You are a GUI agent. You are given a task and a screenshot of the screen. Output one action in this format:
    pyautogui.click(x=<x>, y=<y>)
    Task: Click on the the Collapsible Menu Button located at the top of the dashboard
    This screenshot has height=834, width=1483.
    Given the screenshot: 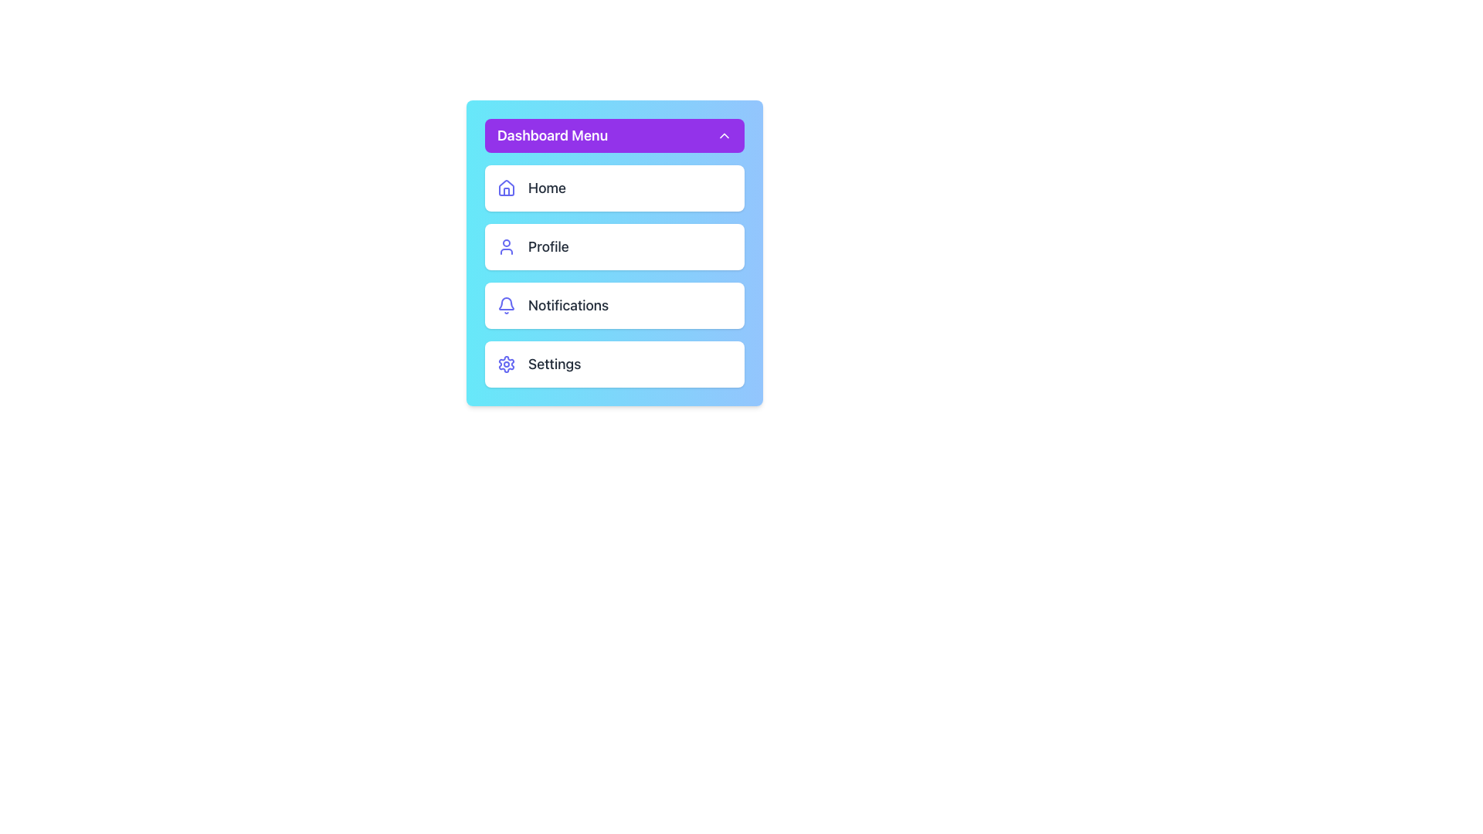 What is the action you would take?
    pyautogui.click(x=614, y=135)
    